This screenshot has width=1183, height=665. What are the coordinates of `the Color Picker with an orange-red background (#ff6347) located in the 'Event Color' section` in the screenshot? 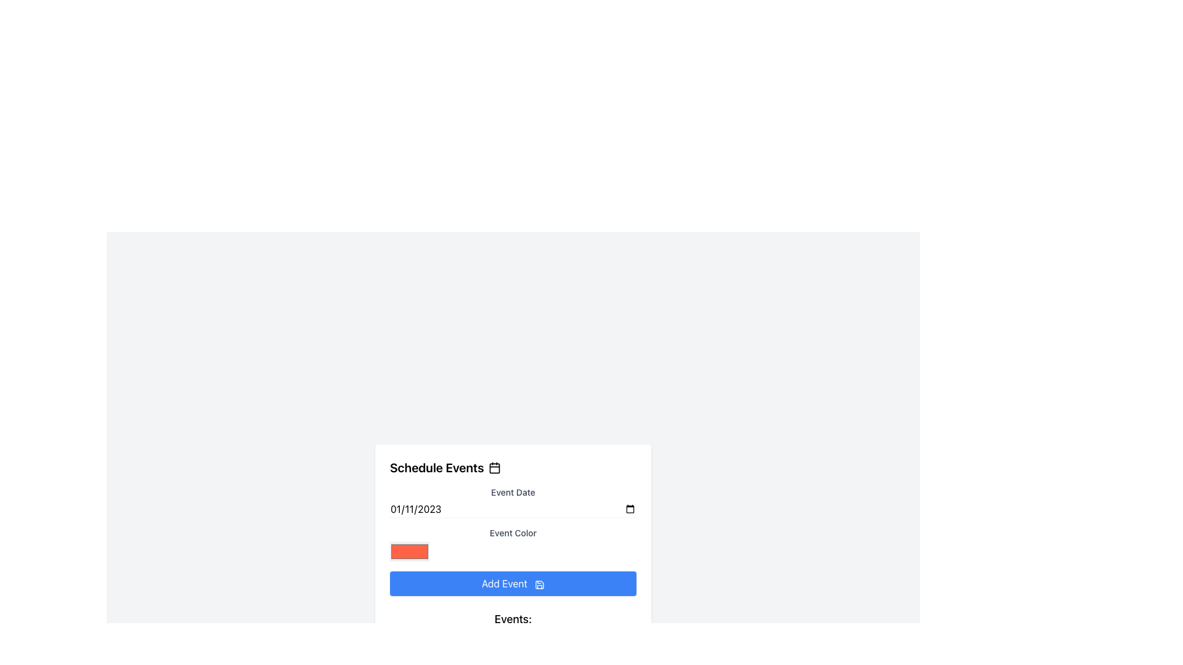 It's located at (410, 550).